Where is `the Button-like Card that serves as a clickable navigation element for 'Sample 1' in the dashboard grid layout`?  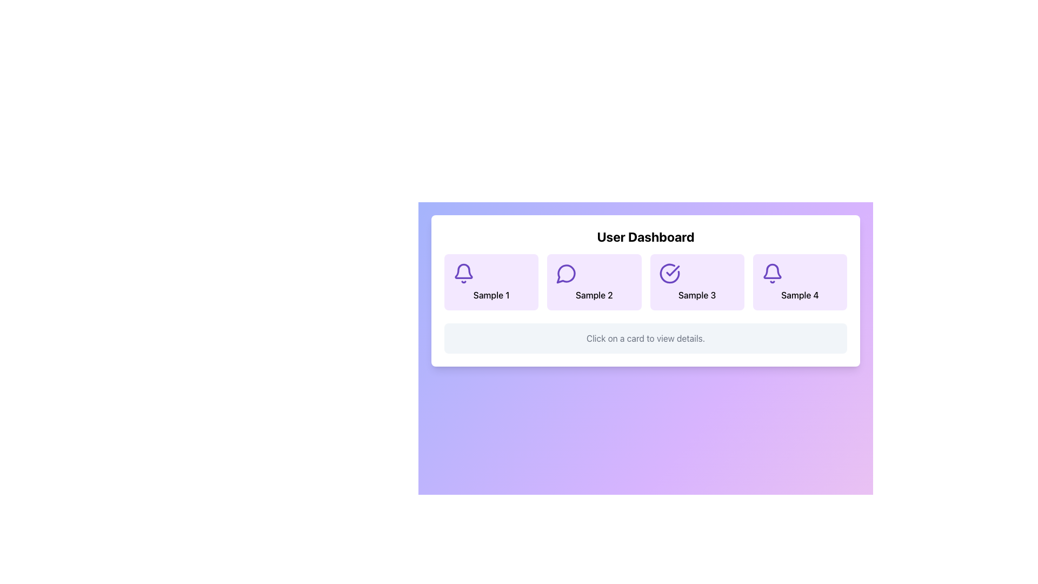 the Button-like Card that serves as a clickable navigation element for 'Sample 1' in the dashboard grid layout is located at coordinates (491, 281).